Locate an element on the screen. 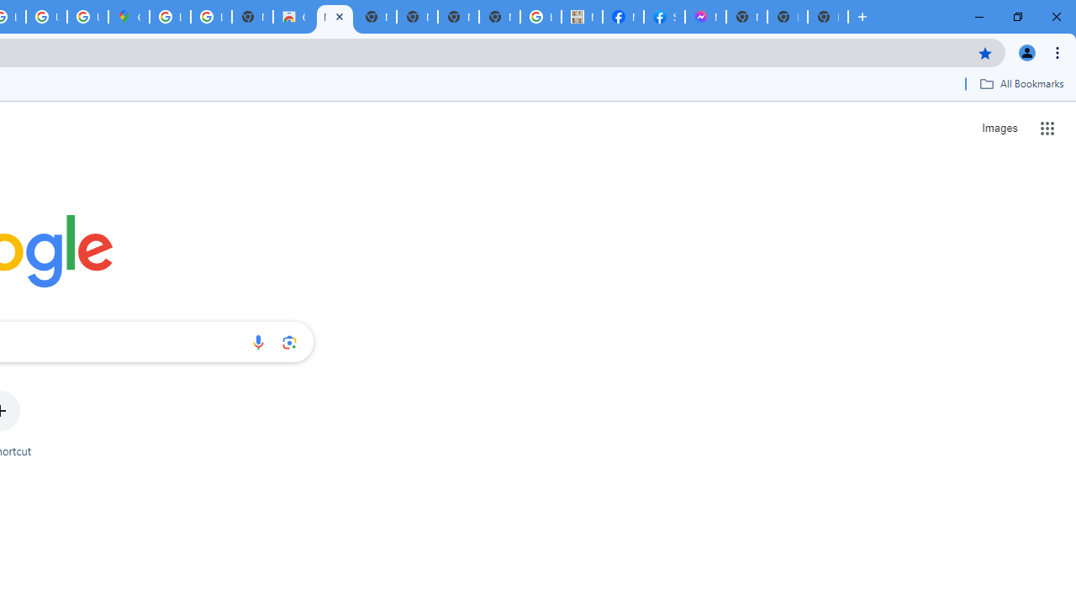 This screenshot has width=1076, height=605. 'Sign Up for Facebook' is located at coordinates (663, 17).